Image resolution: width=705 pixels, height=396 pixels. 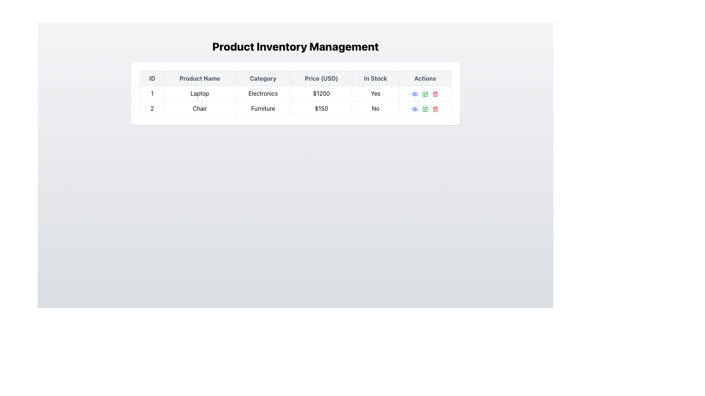 What do you see at coordinates (263, 78) in the screenshot?
I see `the header label that describes the Category column, which is the third entry in the header row of the table, located between 'Product Name' and 'Price (USD)'` at bounding box center [263, 78].